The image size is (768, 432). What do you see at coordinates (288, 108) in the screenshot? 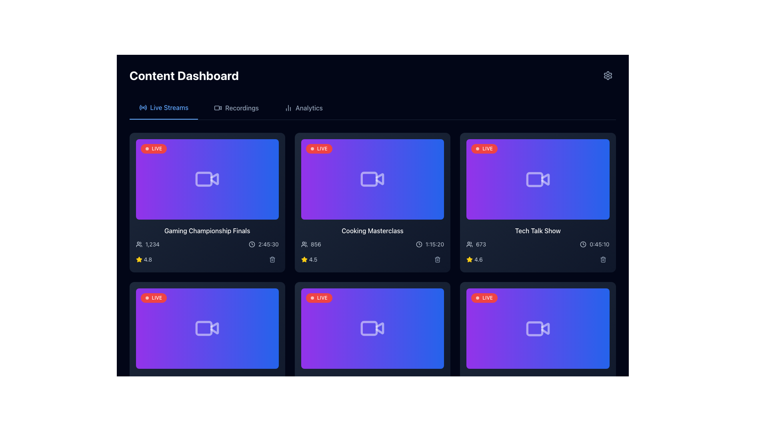
I see `the minimalist line design bar chart icon located in the 'Analytics' menu item in the top navigation bar` at bounding box center [288, 108].